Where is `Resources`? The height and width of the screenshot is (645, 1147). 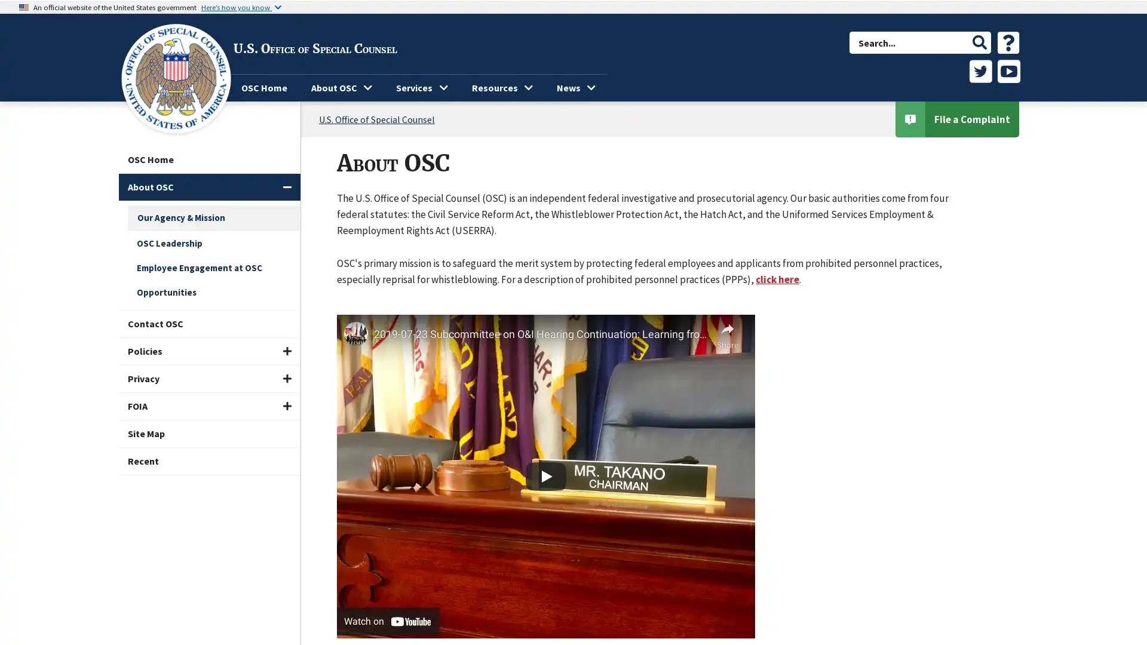 Resources is located at coordinates (502, 87).